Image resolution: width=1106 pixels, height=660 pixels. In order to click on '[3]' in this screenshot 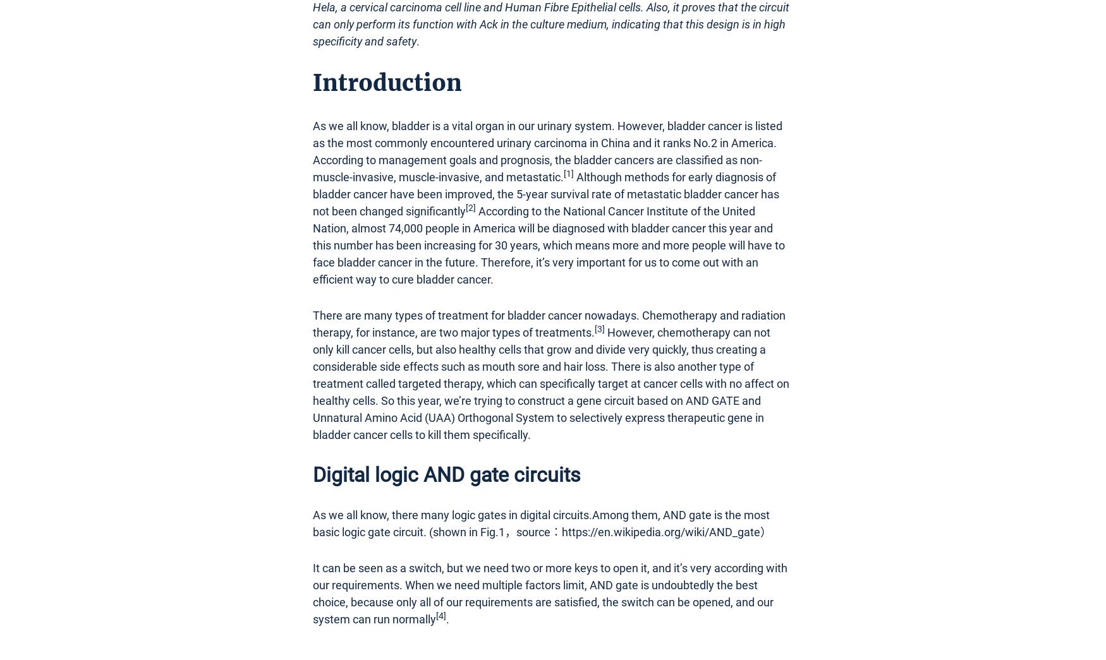, I will do `click(594, 327)`.